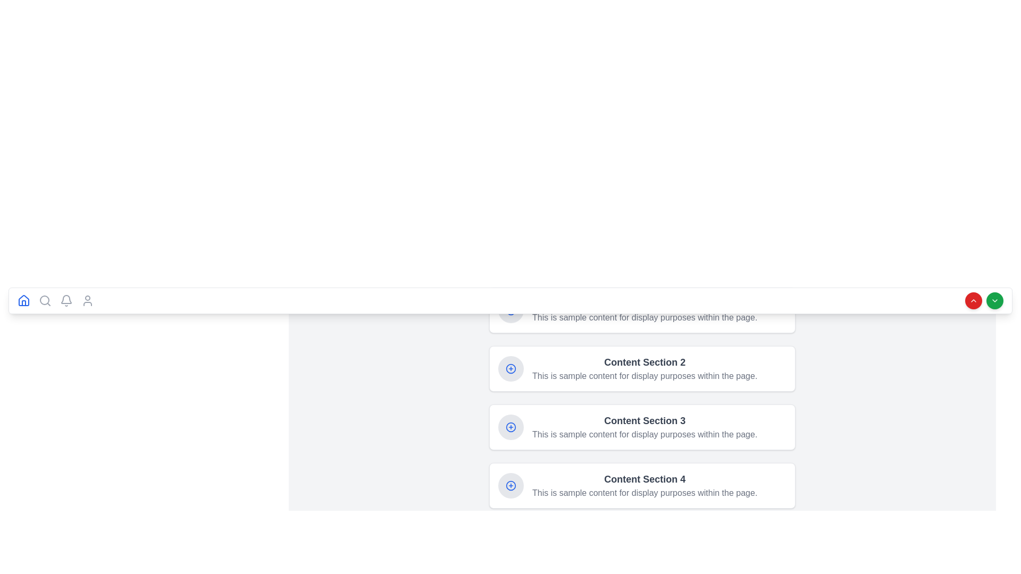 The image size is (1021, 574). Describe the element at coordinates (510, 310) in the screenshot. I see `the interactive button located in 'Content Section 1'` at that location.